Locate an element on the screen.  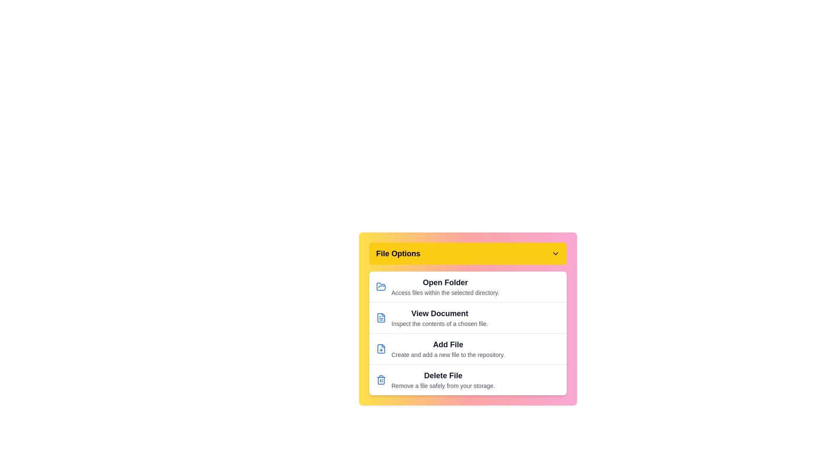
the 'Open Folder' text label, which is a bold and prominent menu option in the 'File Options' section, located at the top of the vertical list of menu items is located at coordinates (445, 282).